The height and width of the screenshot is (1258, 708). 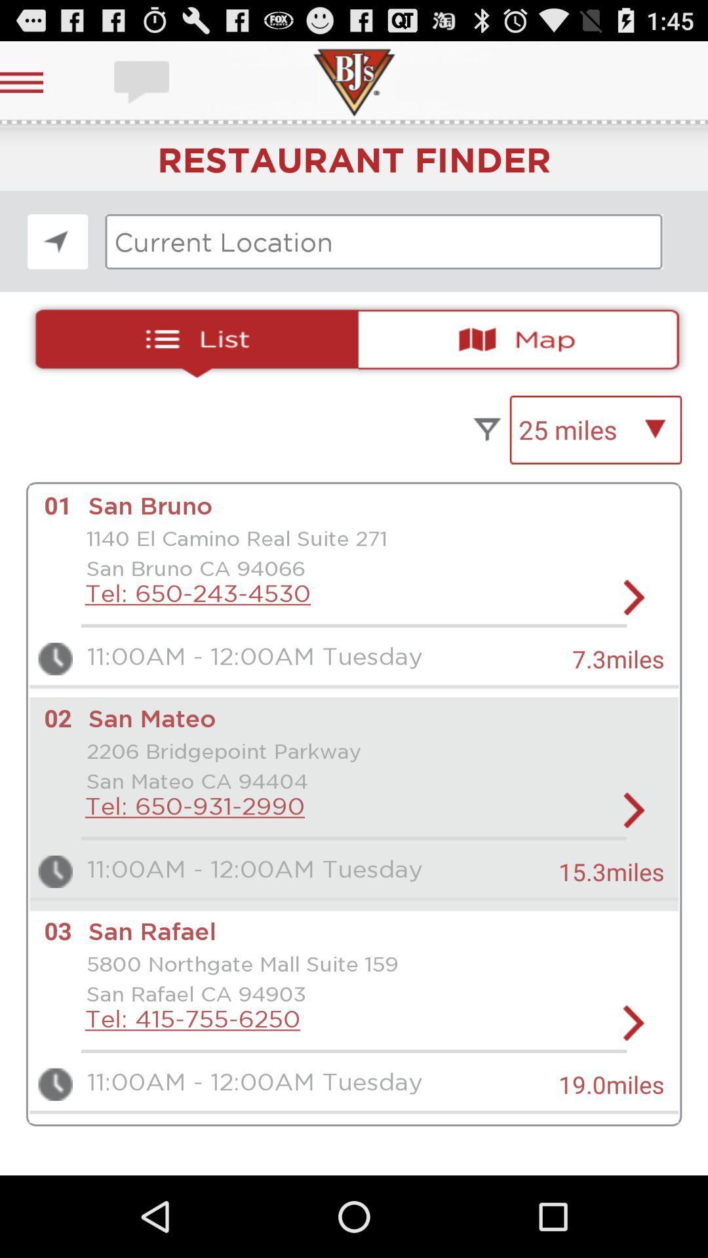 I want to click on the national_flag icon, so click(x=524, y=363).